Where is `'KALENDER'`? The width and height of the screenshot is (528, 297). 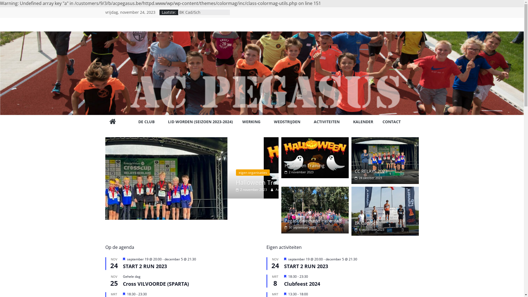
'KALENDER' is located at coordinates (353, 122).